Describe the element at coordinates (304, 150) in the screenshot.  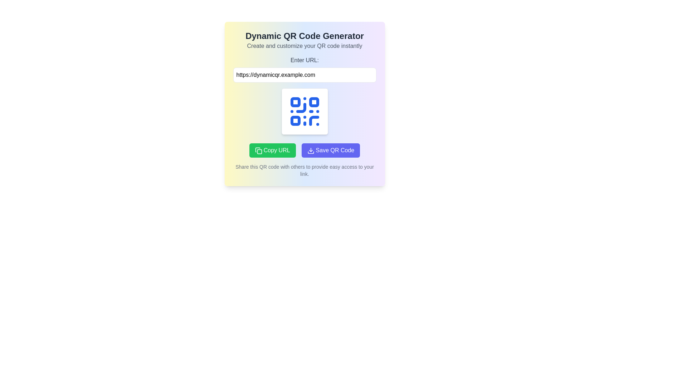
I see `the 'Save QR Code' button located at the bottom center of the 'Dynamic QR Code Generator' interface, just below the displayed QR code` at that location.